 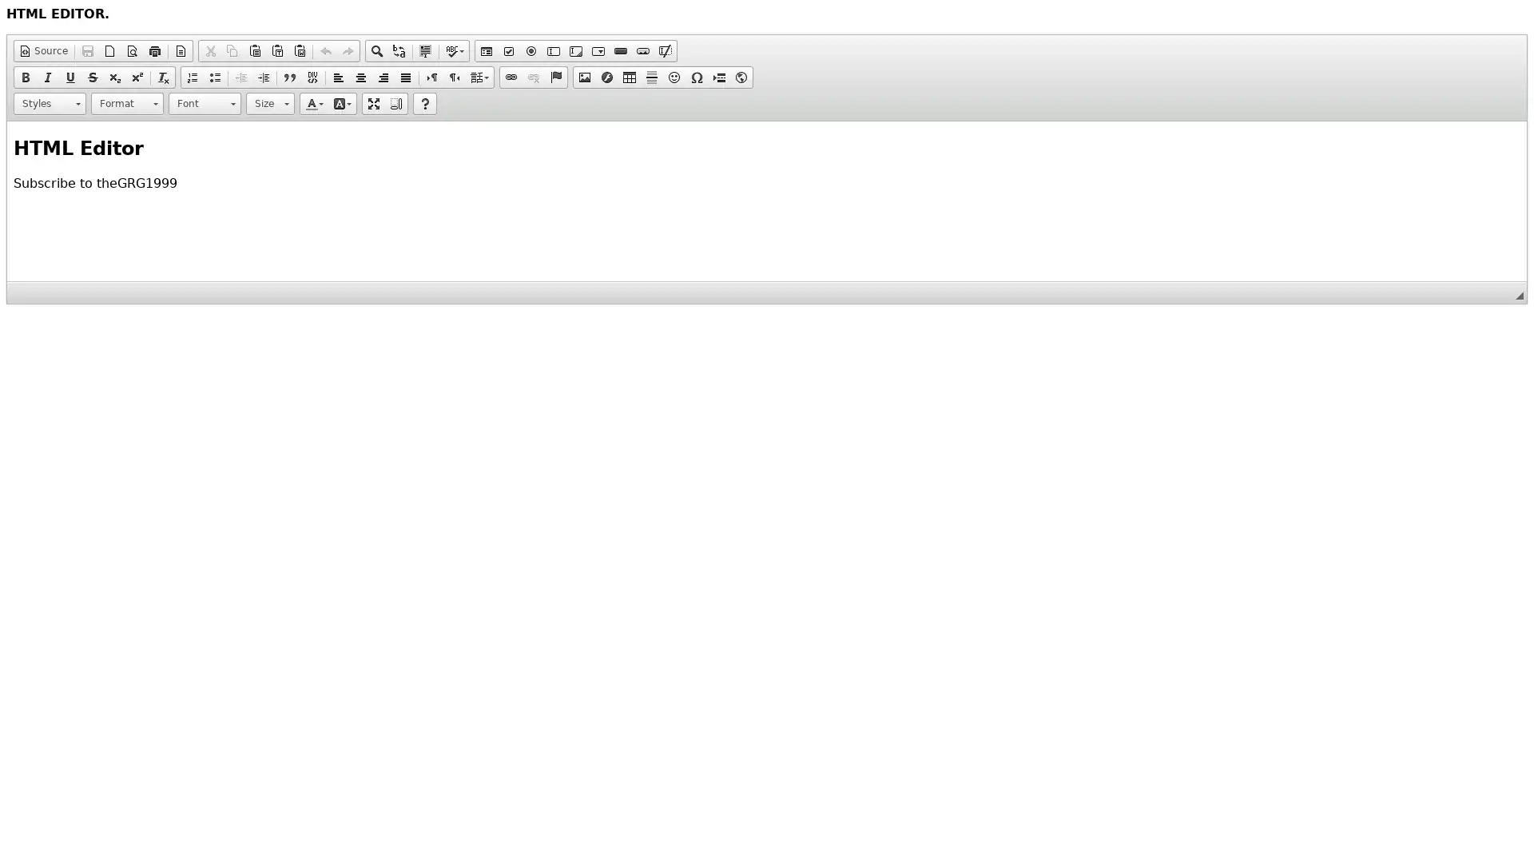 I want to click on Insert/Remove Numbered List, so click(x=192, y=77).